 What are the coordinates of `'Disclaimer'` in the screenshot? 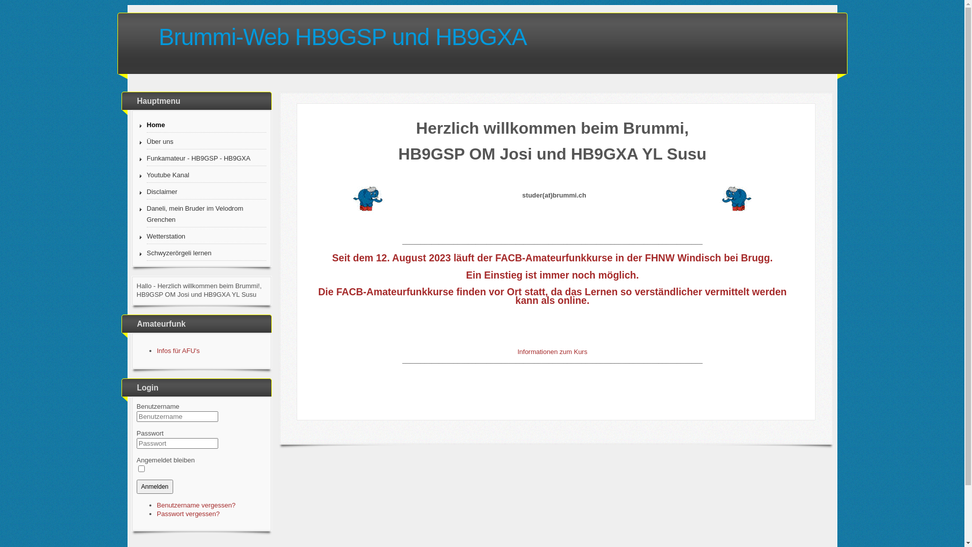 It's located at (206, 192).